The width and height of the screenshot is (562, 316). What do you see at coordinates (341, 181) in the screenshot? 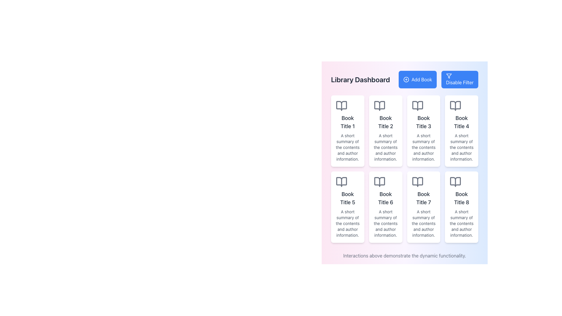
I see `the open book icon located at the top of the fifth card labeled 'Book Title 5' in the grid layout` at bounding box center [341, 181].